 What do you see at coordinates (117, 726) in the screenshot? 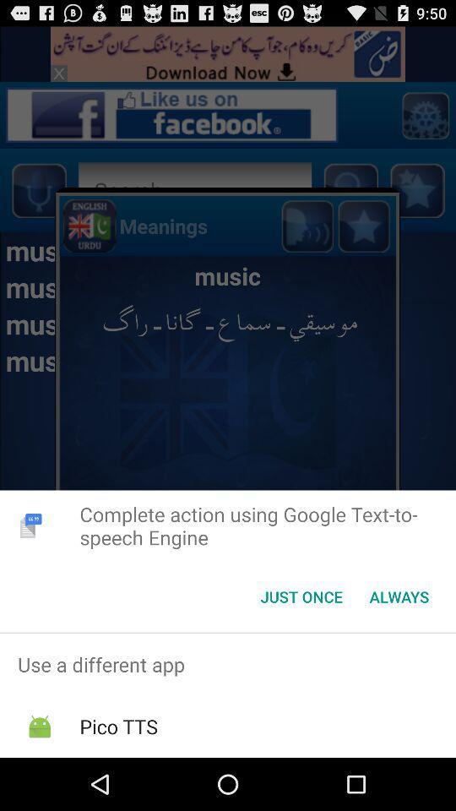
I see `the pico tts app` at bounding box center [117, 726].